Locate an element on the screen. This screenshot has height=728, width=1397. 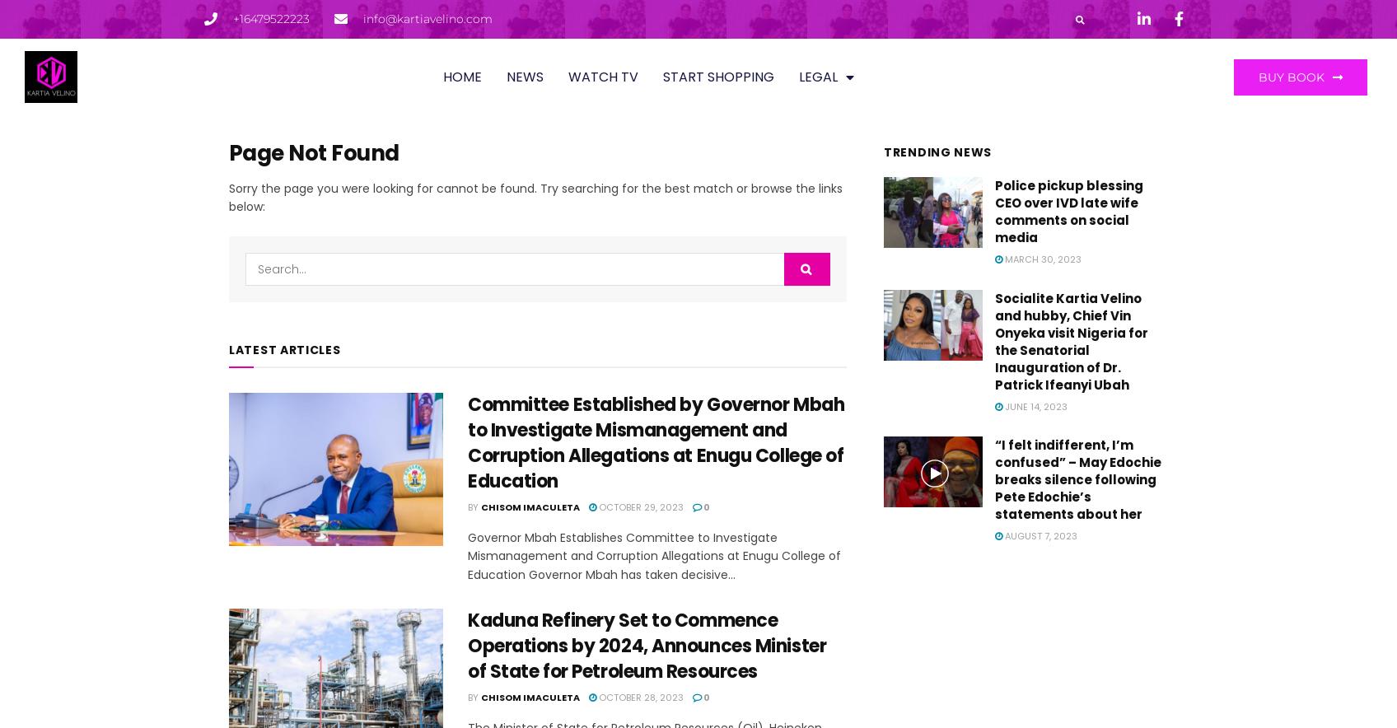
'March 30, 2023' is located at coordinates (1002, 259).